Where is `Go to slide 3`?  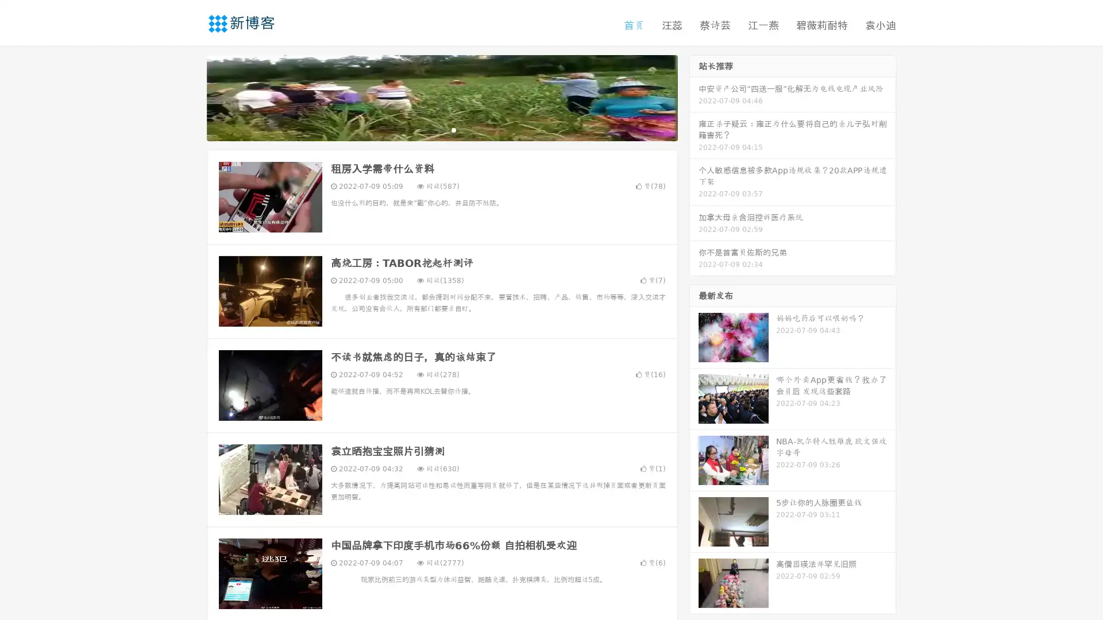 Go to slide 3 is located at coordinates (453, 129).